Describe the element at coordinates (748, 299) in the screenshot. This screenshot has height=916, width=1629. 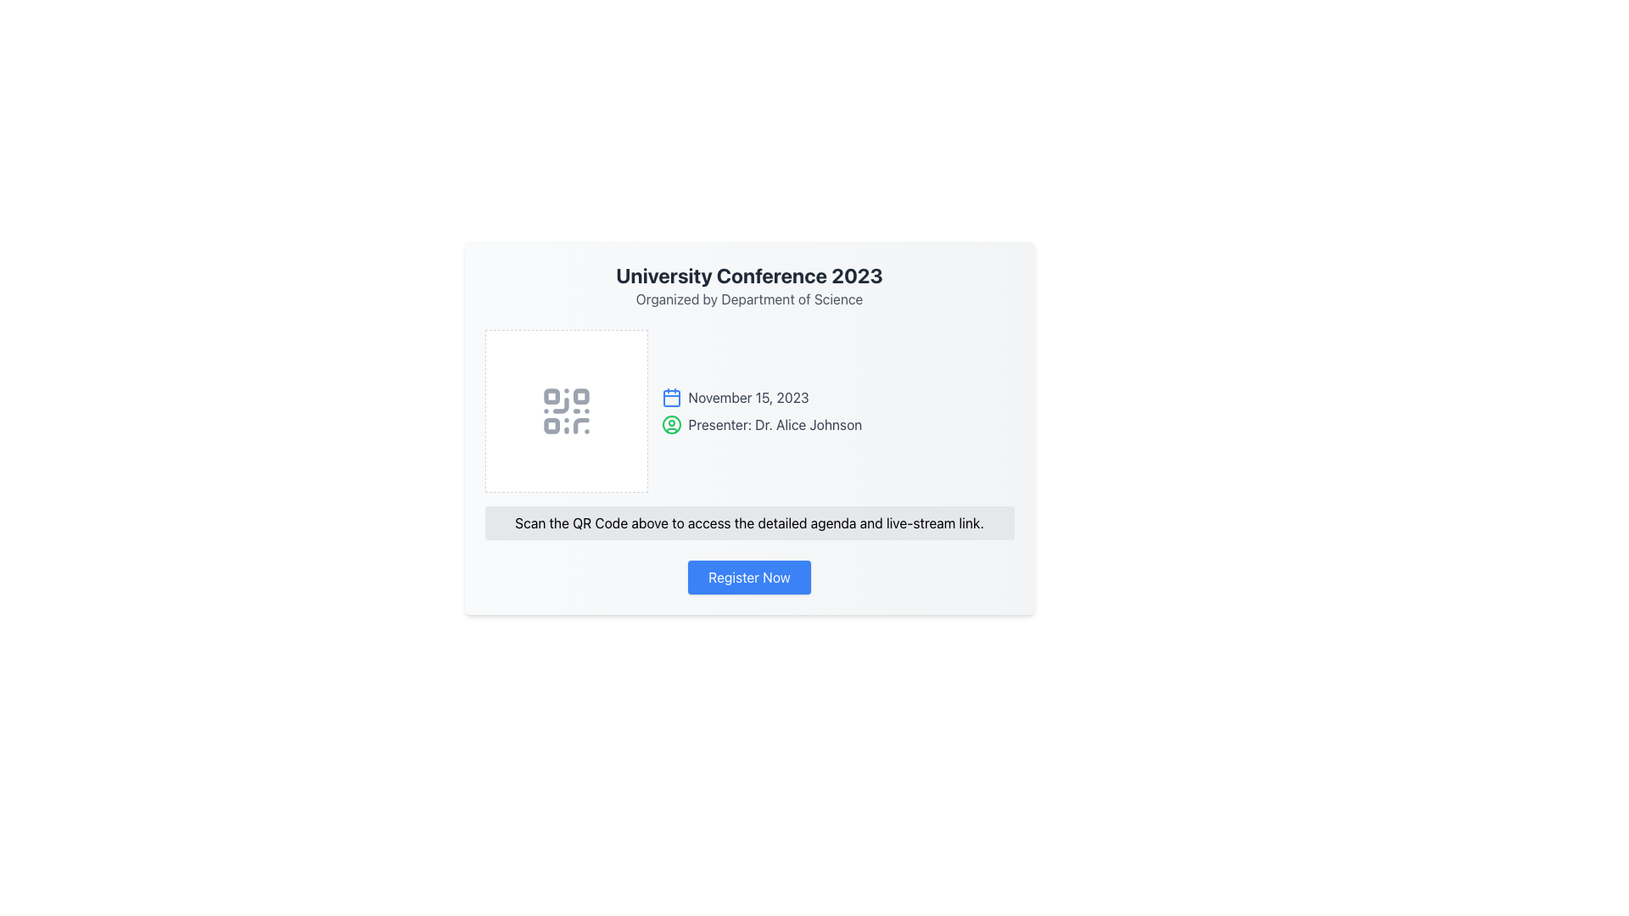
I see `text label providing organizational details about the event located below the title 'University Conference 2023'` at that location.